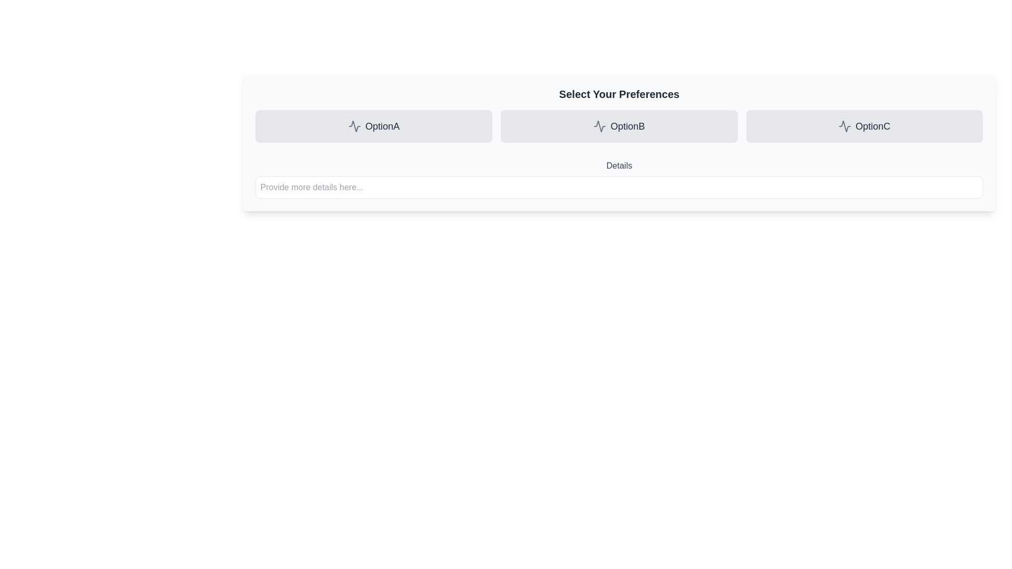 This screenshot has width=1012, height=569. I want to click on the second option in the 'Select Your Preferences' group, which contains the text label 'OptionB', so click(619, 125).